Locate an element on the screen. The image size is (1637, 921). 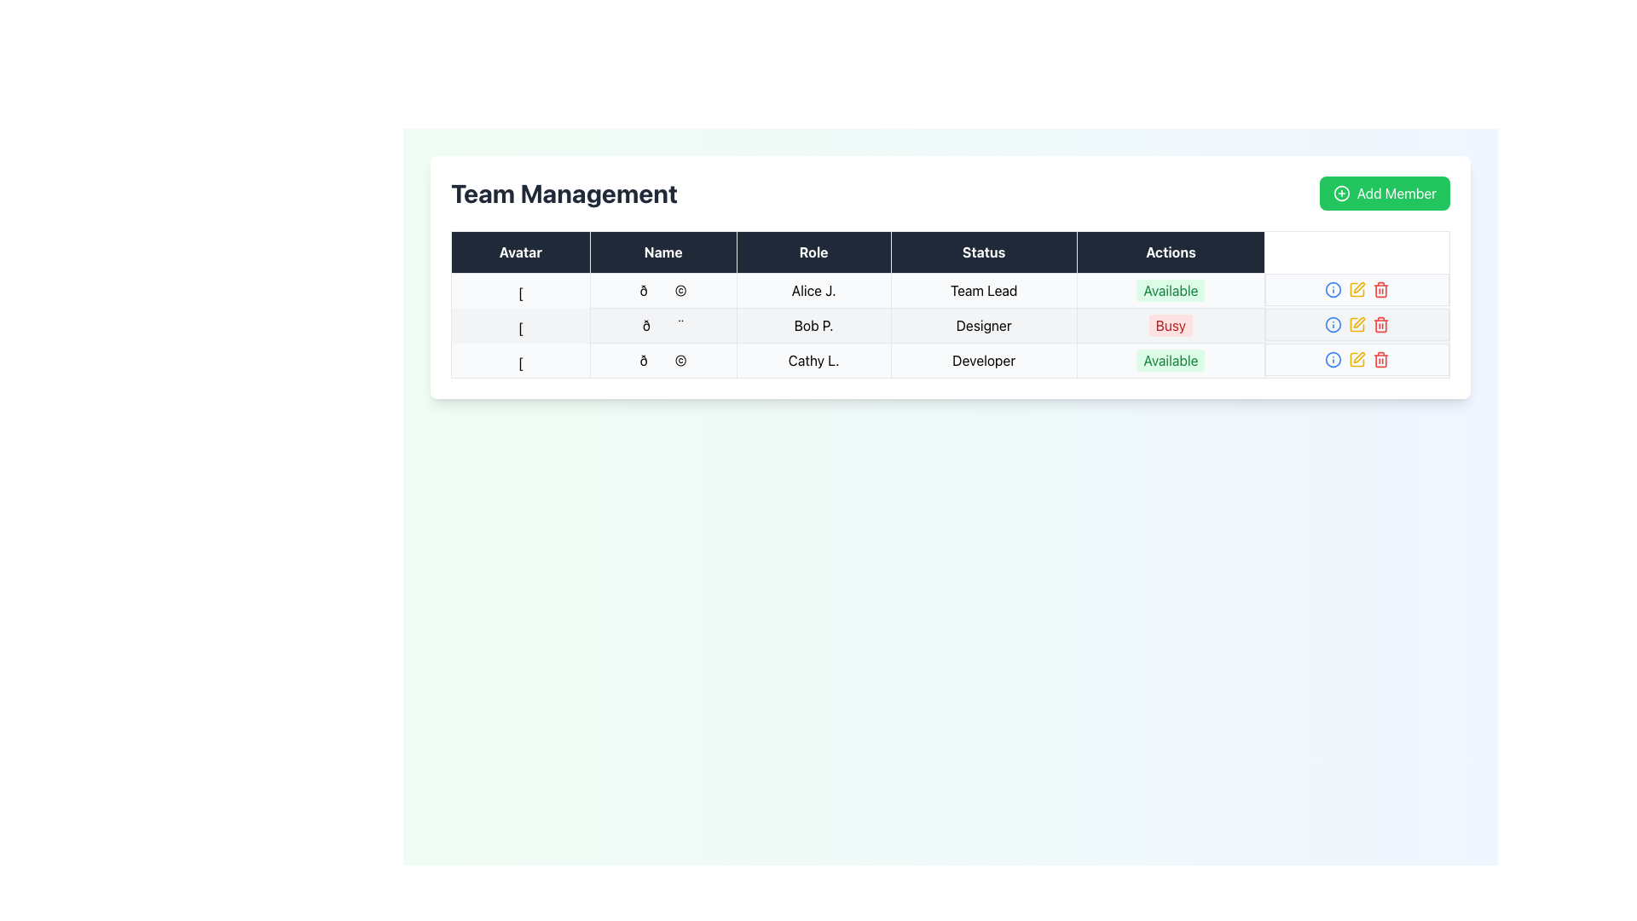
the status label indicating the availability of Cathy L. in the rightmost column of the last row of the table layout under the header 'Actions' is located at coordinates (1170, 360).